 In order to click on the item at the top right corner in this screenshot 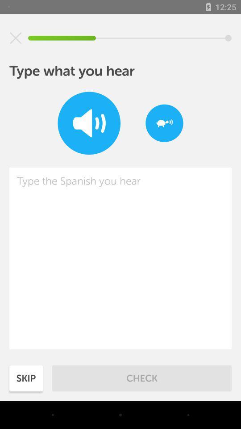, I will do `click(164, 122)`.